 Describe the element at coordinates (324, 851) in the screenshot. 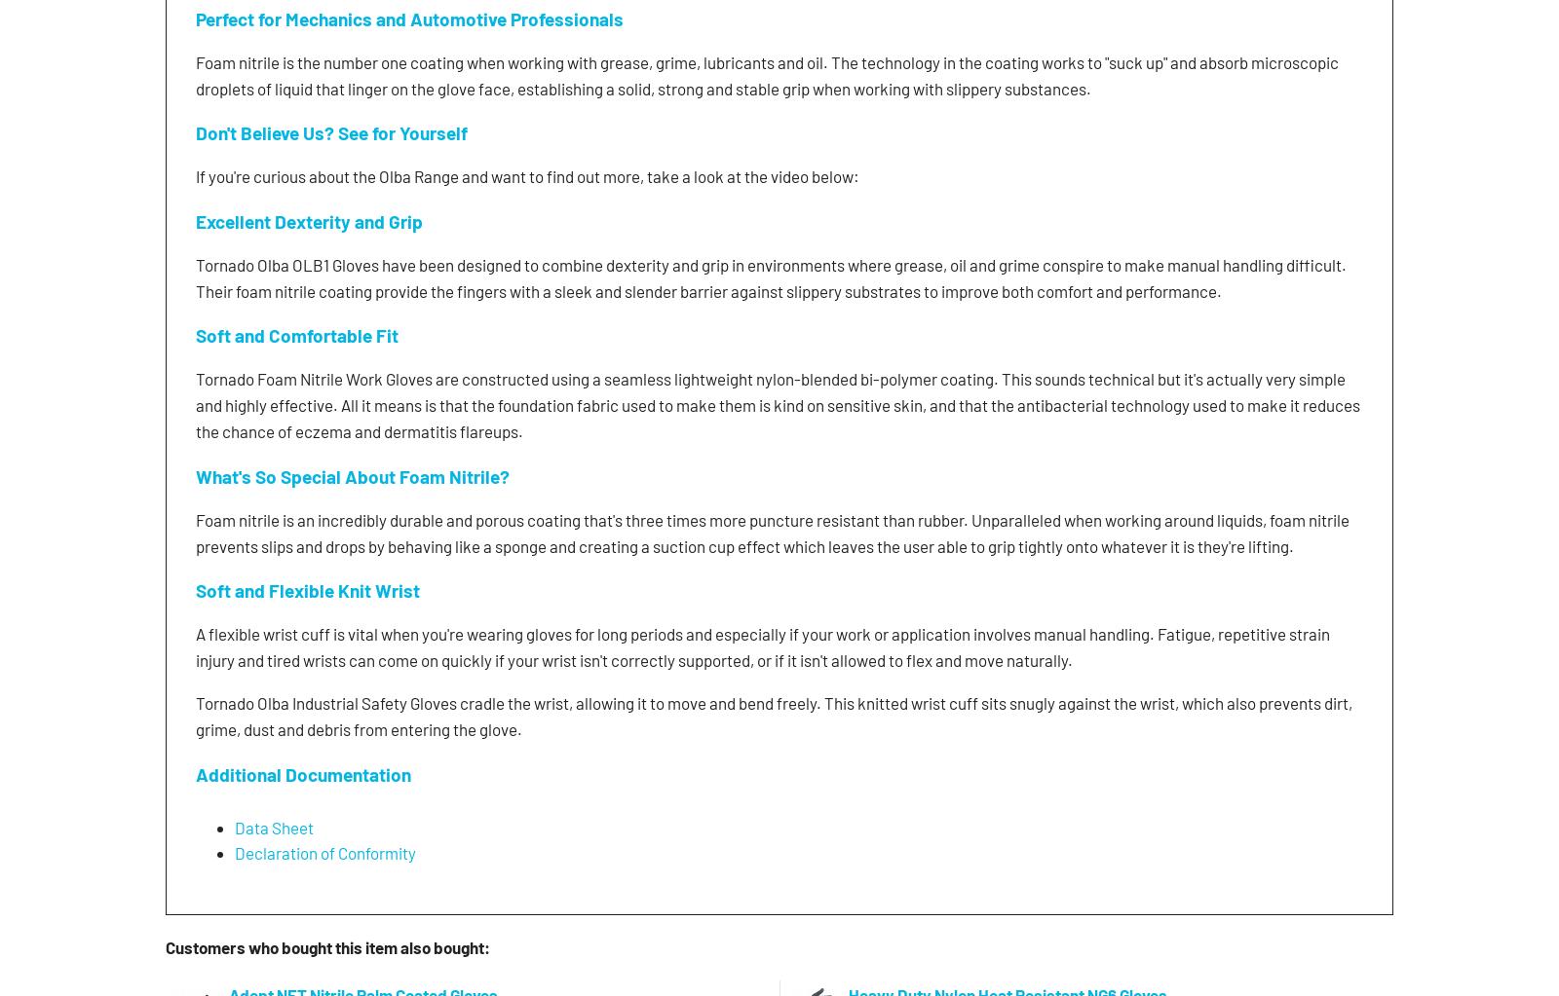

I see `'Declaration of Conformity'` at that location.